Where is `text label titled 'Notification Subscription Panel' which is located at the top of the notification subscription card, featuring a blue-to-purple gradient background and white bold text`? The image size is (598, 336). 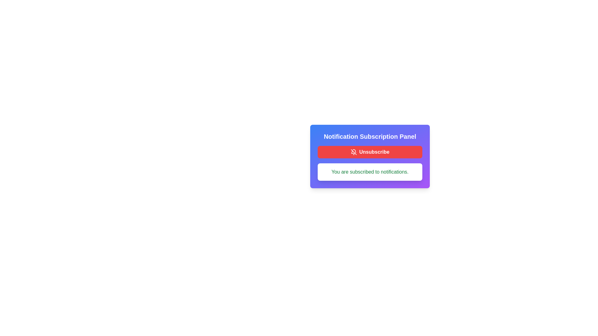
text label titled 'Notification Subscription Panel' which is located at the top of the notification subscription card, featuring a blue-to-purple gradient background and white bold text is located at coordinates (370, 136).